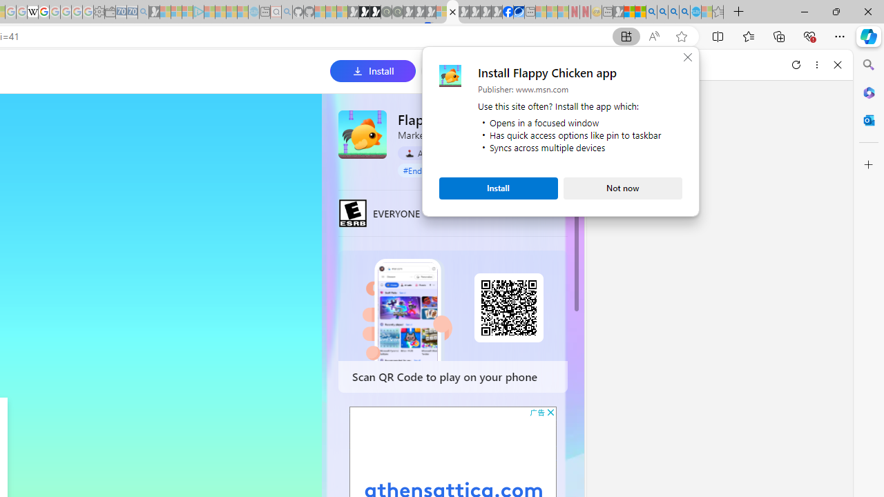  I want to click on 'Future Focus Report 2024 - Sleeping', so click(396, 12).